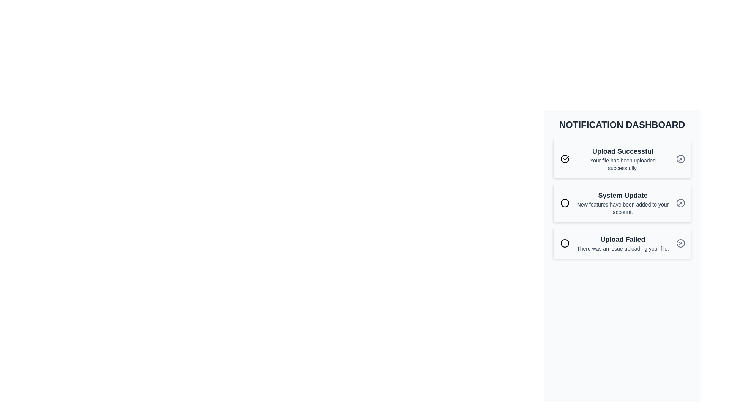  I want to click on the outermost circular part of the 'System Update' notification icon located in the notification dashboard, so click(565, 203).